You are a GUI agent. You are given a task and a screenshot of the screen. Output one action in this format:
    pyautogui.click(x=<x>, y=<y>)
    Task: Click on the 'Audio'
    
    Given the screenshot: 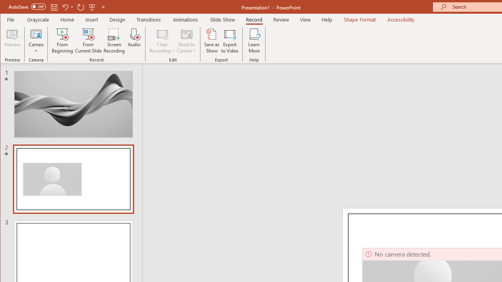 What is the action you would take?
    pyautogui.click(x=134, y=41)
    